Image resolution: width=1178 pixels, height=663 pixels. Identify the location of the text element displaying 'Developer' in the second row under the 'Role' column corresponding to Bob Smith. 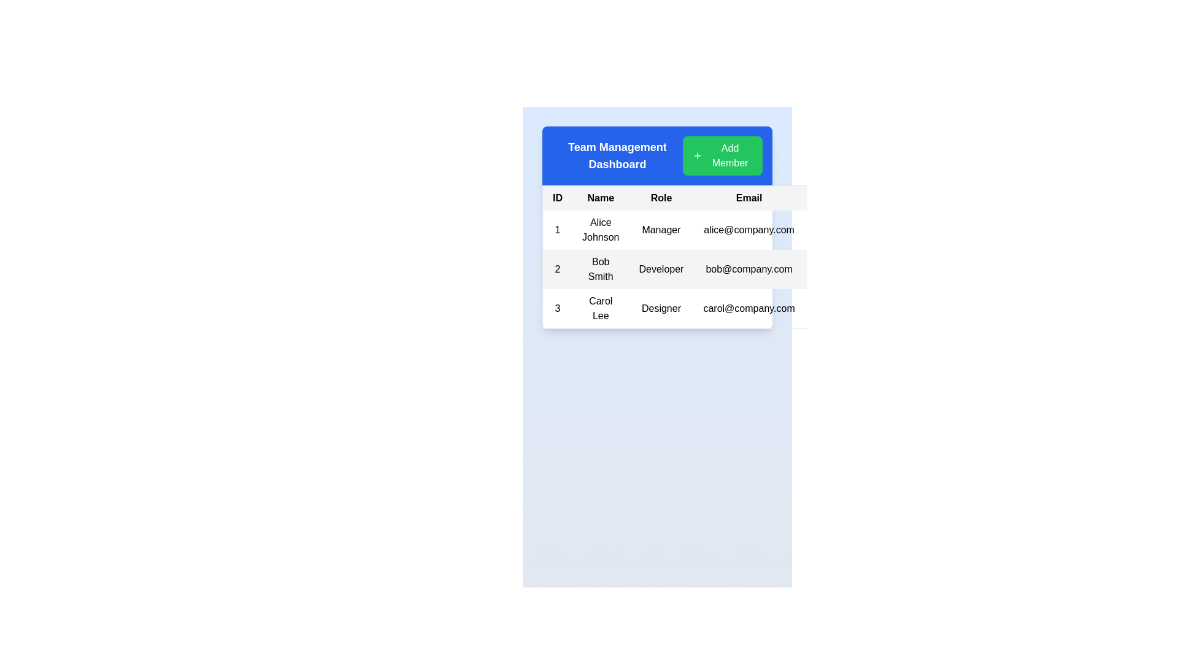
(660, 269).